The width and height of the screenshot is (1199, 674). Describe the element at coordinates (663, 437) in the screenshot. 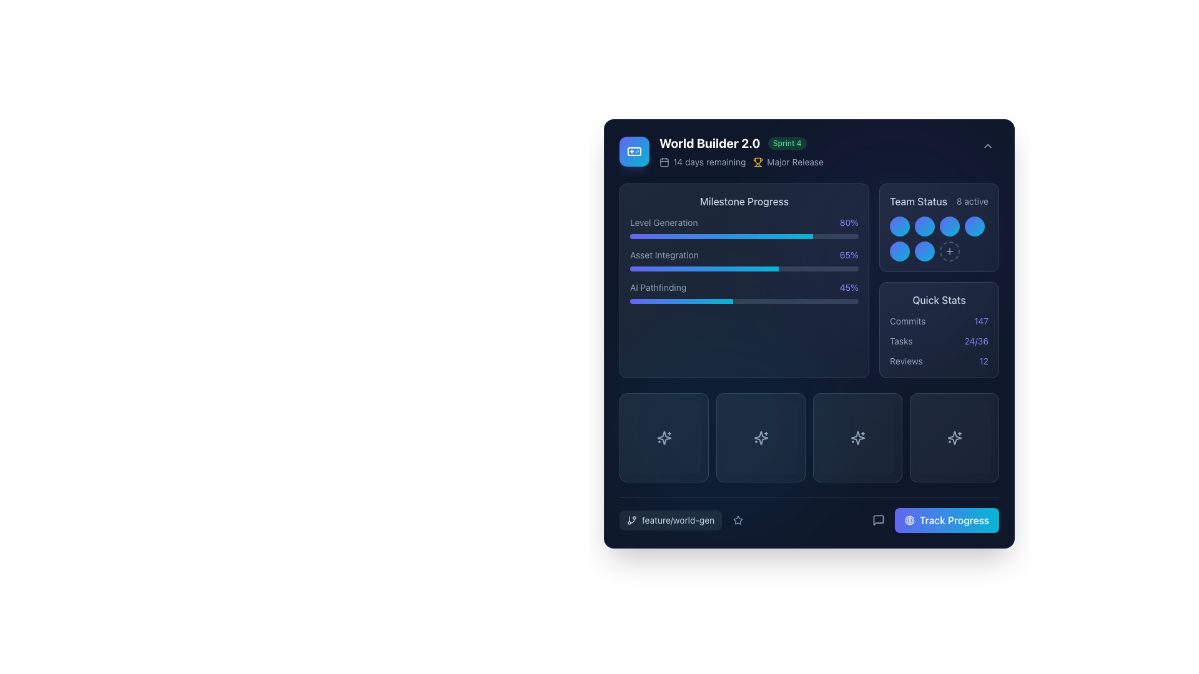

I see `the sparkles icon with a central star and dots radiating outward, styled in grayish-slate with indigo highlights on hover, located centrally in the third pane from the left under the 'Milestone Progress' section` at that location.